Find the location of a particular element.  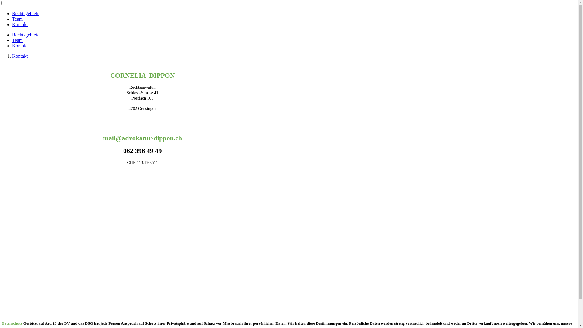

'Team' is located at coordinates (12, 40).